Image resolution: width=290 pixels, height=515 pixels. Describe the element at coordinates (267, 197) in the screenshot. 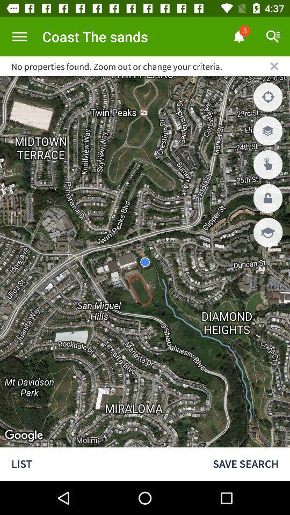

I see `the lock symbol` at that location.